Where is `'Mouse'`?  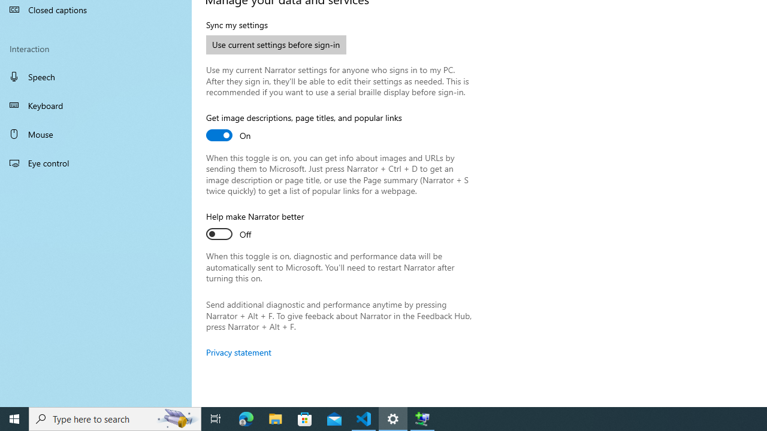 'Mouse' is located at coordinates (96, 133).